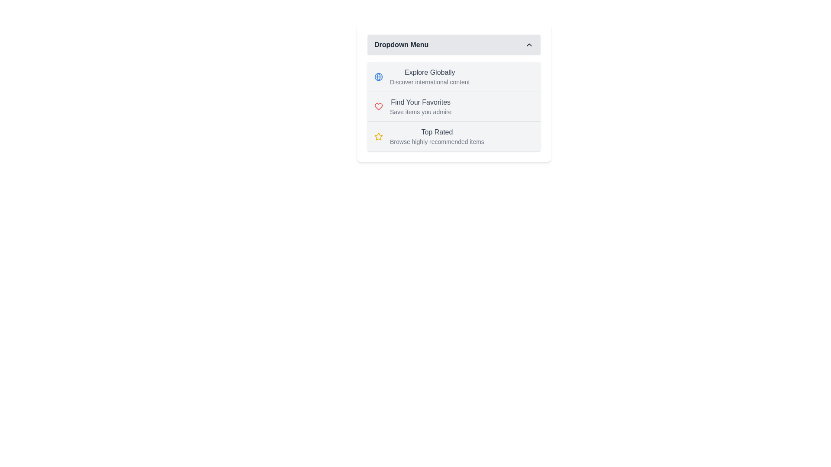 The image size is (831, 467). What do you see at coordinates (454, 106) in the screenshot?
I see `the 'Find Your Favorites' dropdown menu option, which is the middle item in a list containing three options` at bounding box center [454, 106].